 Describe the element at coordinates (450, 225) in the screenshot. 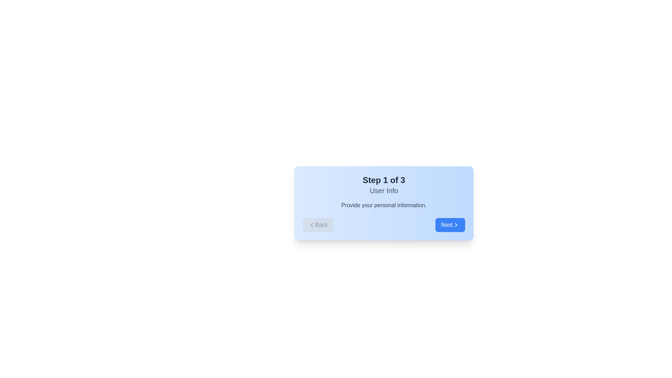

I see `the 'Next' button located in the bottom-right corner of the card UI component` at that location.